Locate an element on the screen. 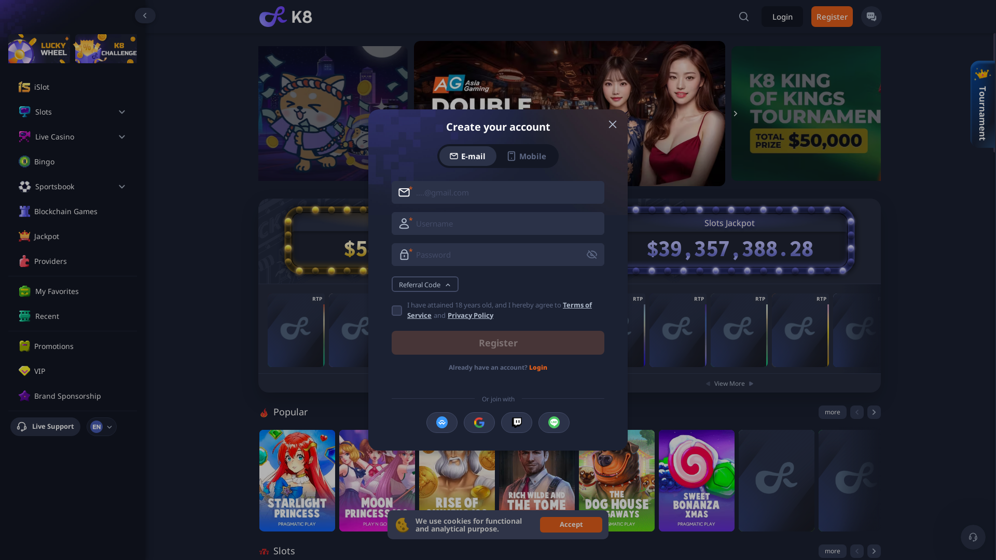 This screenshot has height=560, width=996. 'Providers' is located at coordinates (34, 261).